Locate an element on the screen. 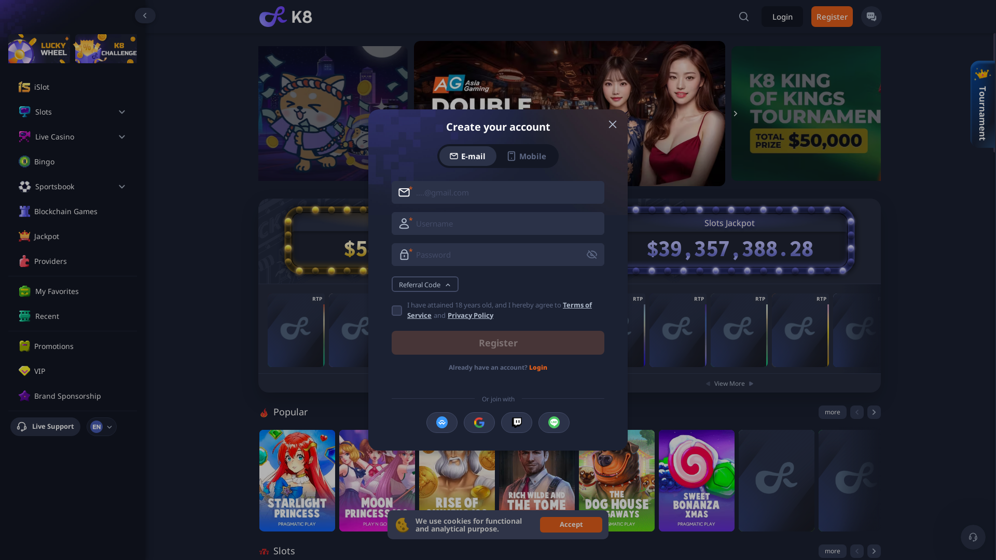 This screenshot has height=560, width=996. 'Providers' is located at coordinates (34, 261).